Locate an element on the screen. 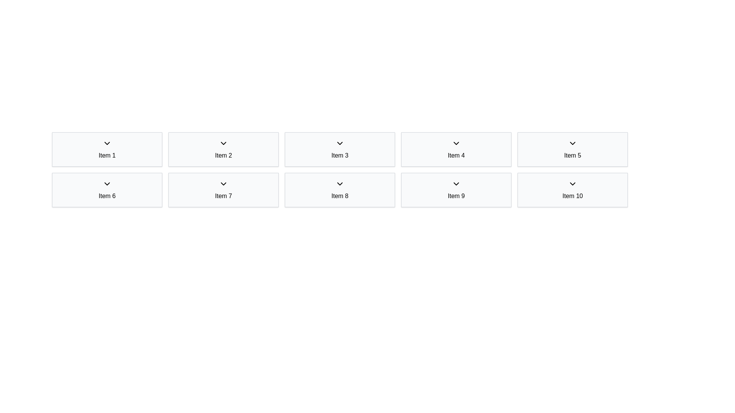  the text label displaying 'Item 8', which is centered and located in the second row and third column of the square cards interface, below a chevron icon is located at coordinates (340, 196).